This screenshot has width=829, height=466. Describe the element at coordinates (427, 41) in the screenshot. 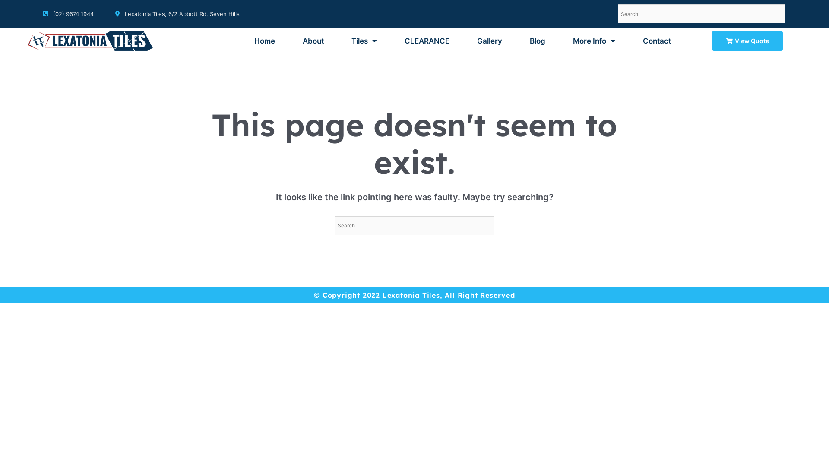

I see `'CLEARANCE'` at that location.